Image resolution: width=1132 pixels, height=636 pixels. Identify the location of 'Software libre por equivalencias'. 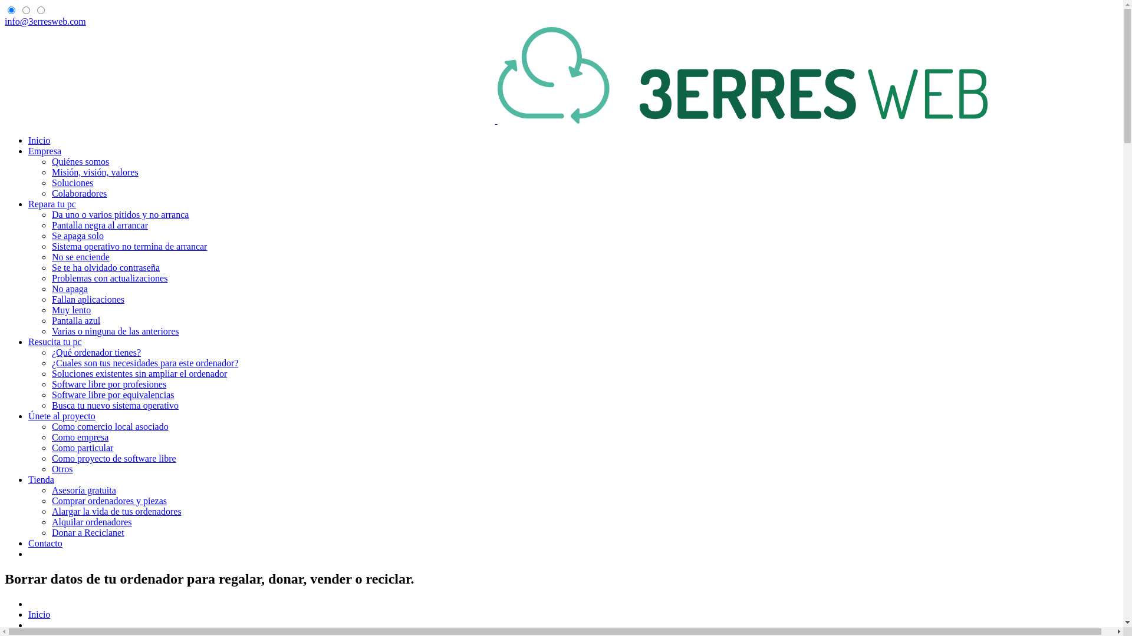
(113, 395).